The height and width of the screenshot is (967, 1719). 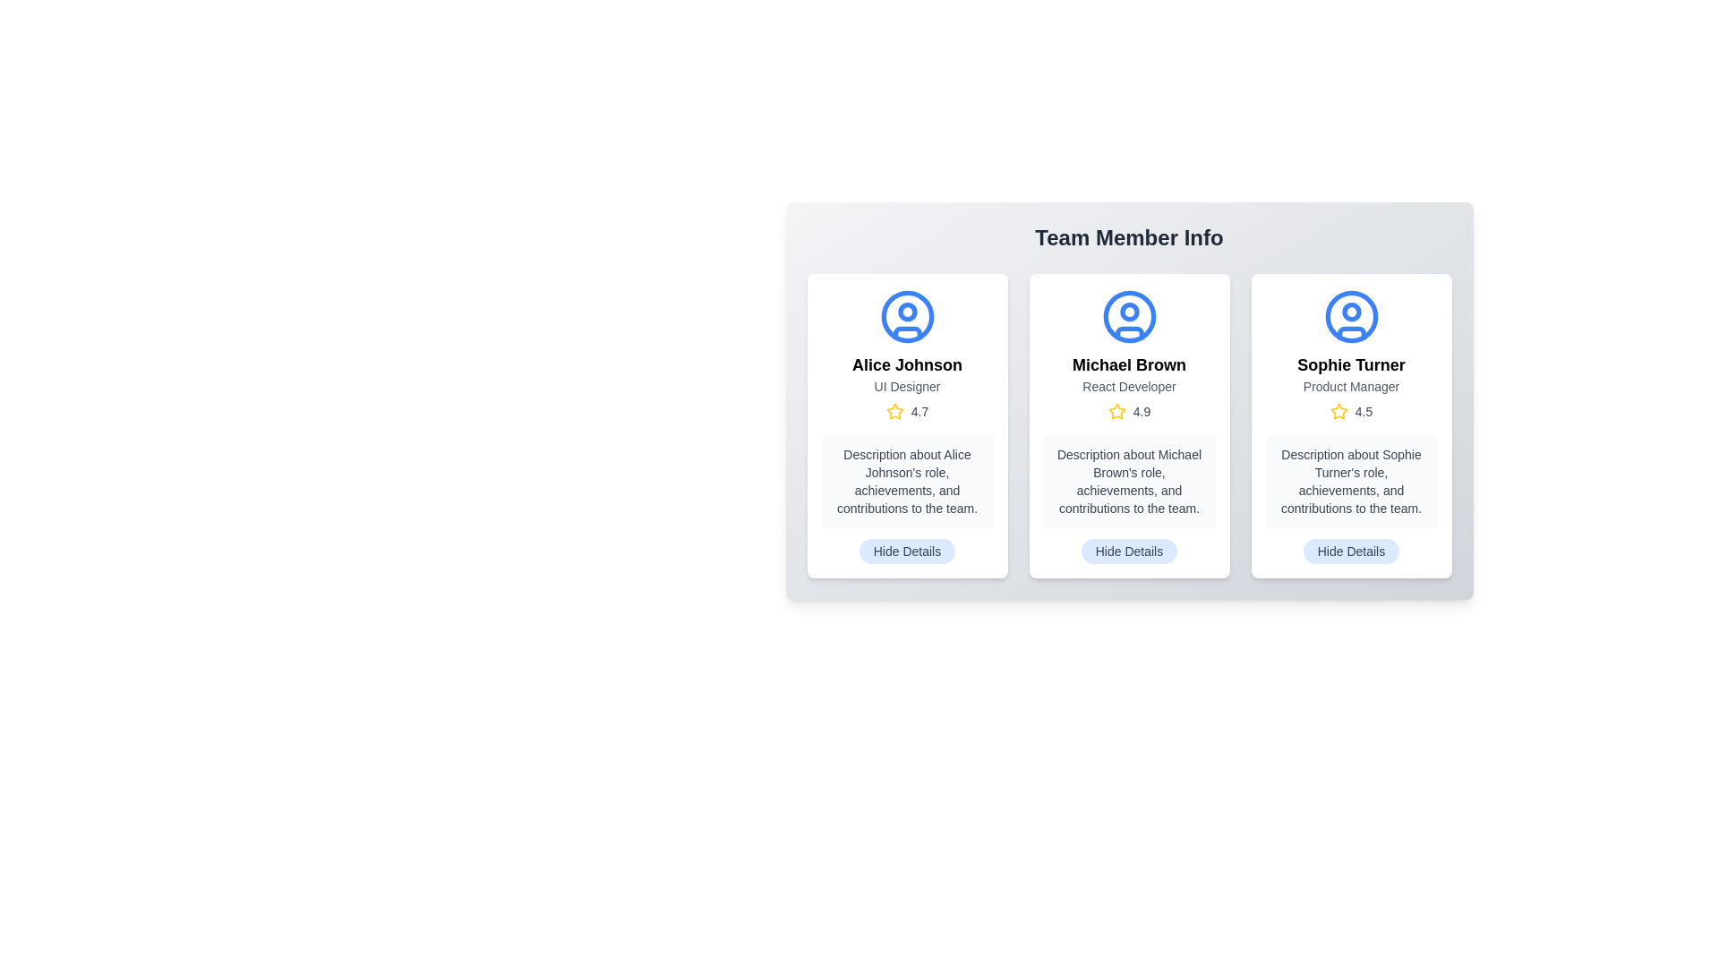 What do you see at coordinates (1116, 411) in the screenshot?
I see `the star SVG icon that visually represents a rating, located under the header 'Michael Brown' and the subtitle 'React Developer', to the left of the numeric '4.9' value` at bounding box center [1116, 411].